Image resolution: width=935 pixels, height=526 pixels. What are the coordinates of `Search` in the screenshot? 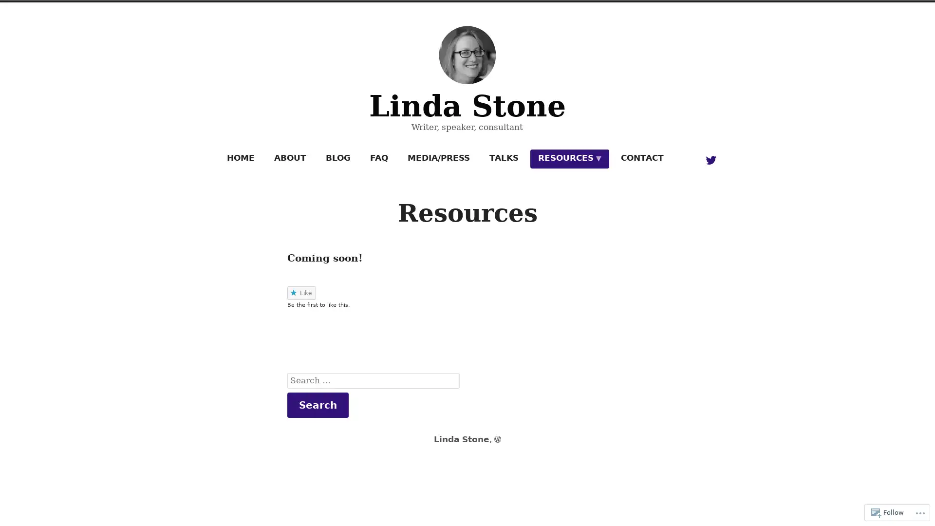 It's located at (318, 404).